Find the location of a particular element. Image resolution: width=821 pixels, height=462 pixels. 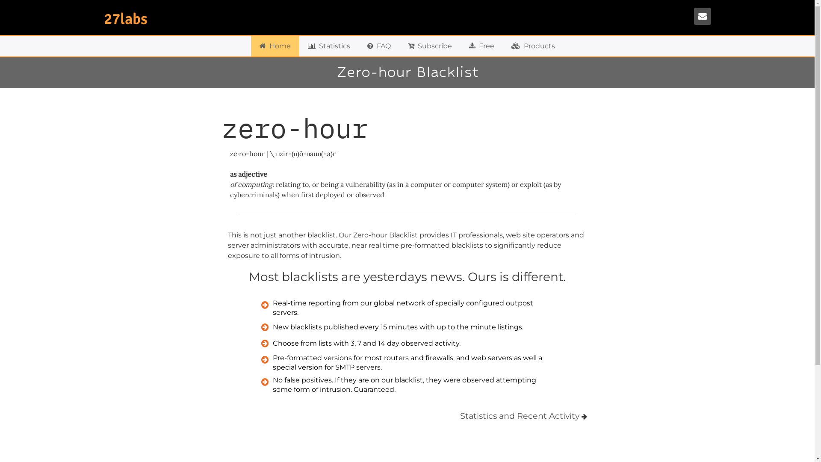

'Products' is located at coordinates (533, 46).